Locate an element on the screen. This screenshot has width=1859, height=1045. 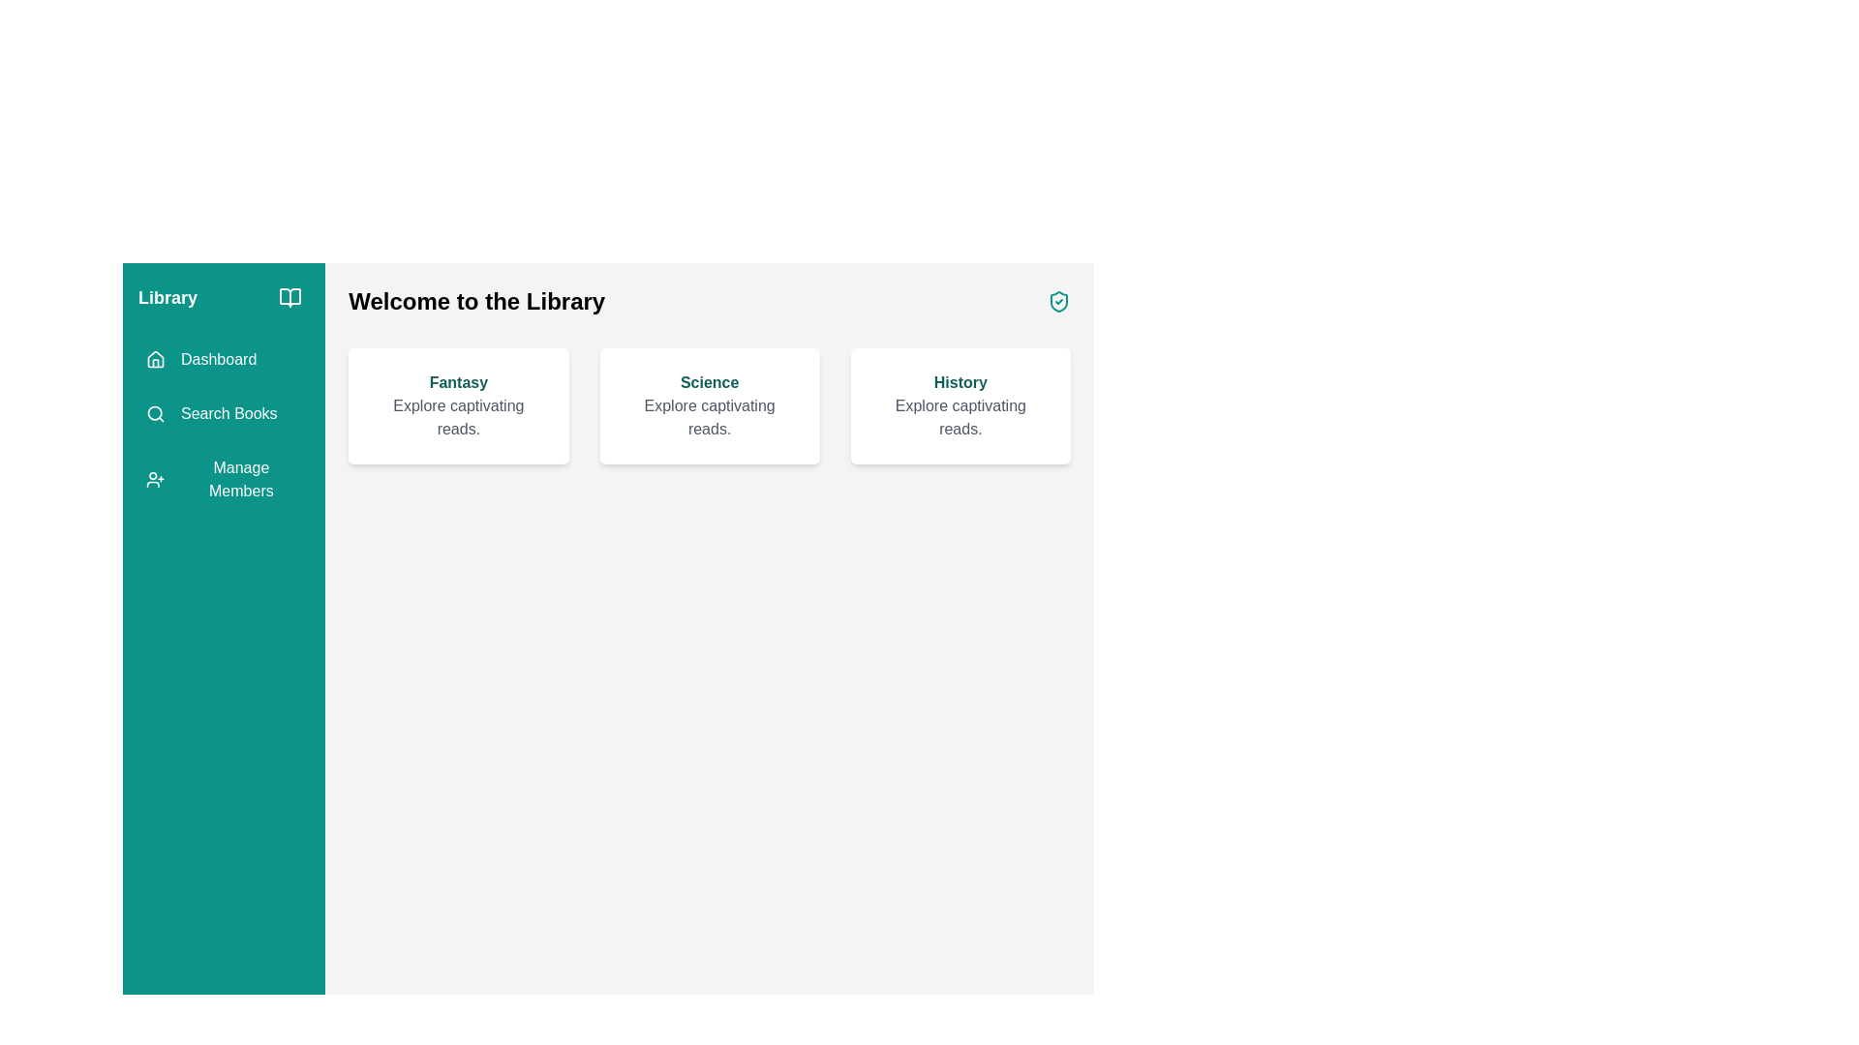
the Text label within the navigation link that leads to the Dashboard interface, located in the left sidebar under the 'Library' title is located at coordinates (219, 359).